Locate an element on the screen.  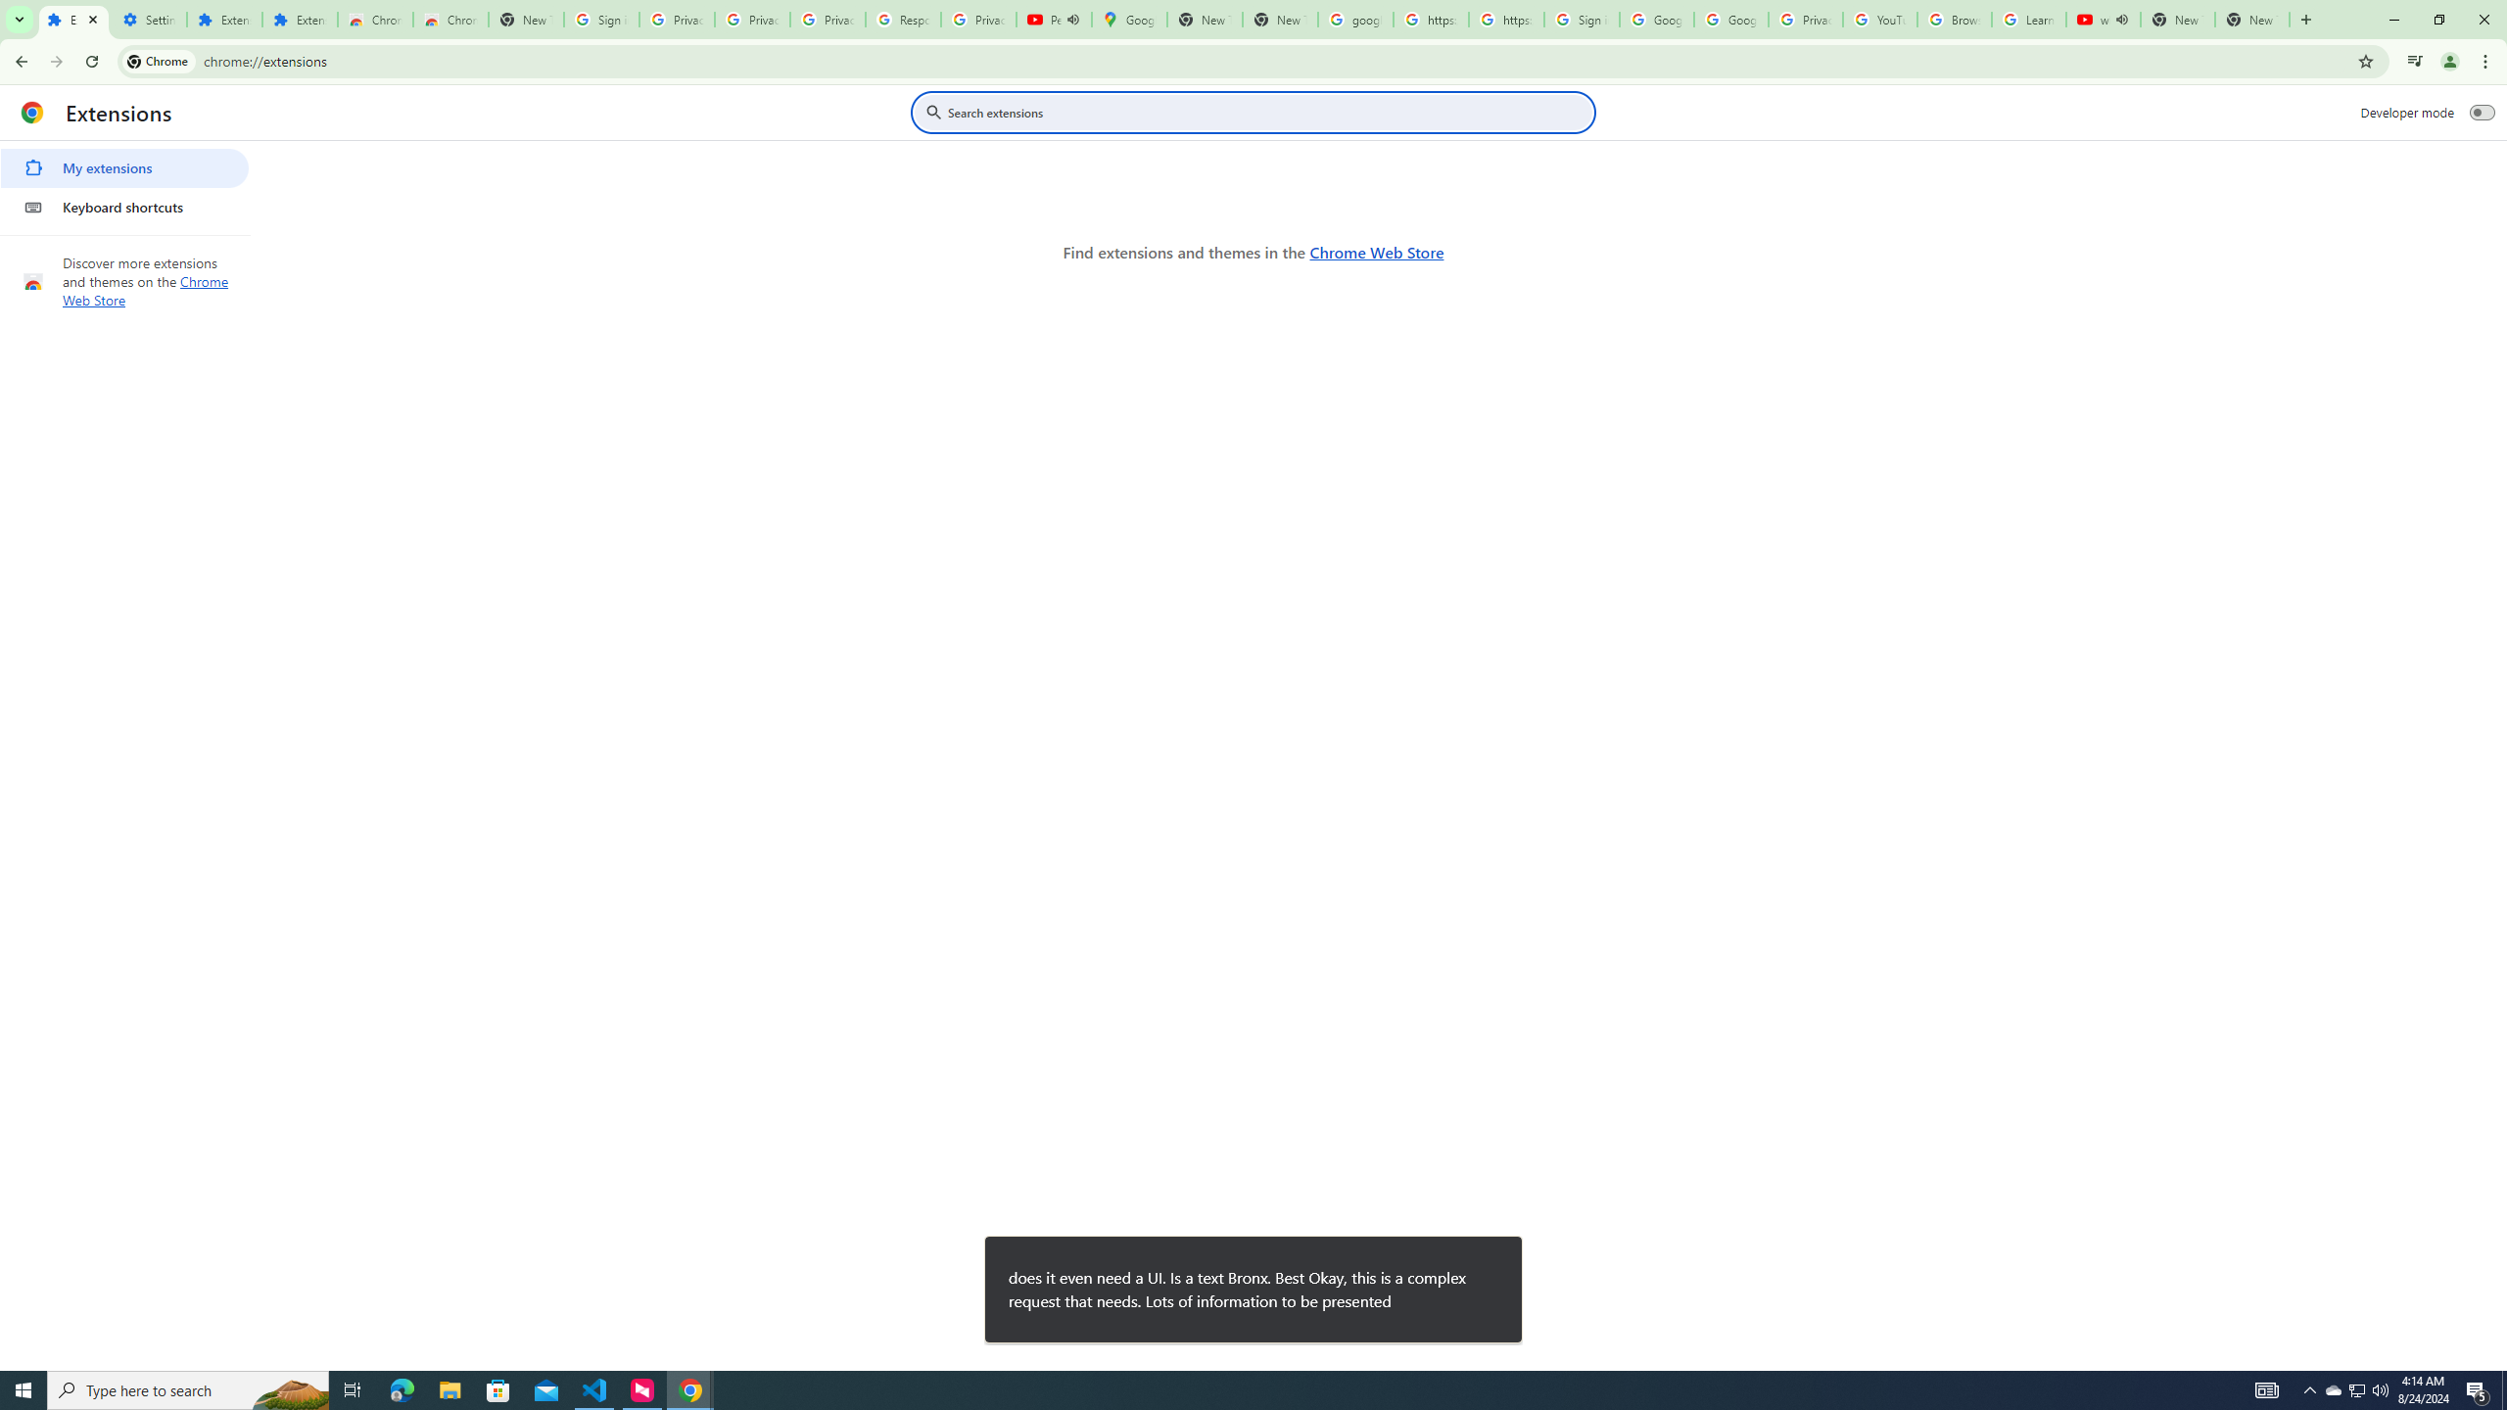
'Sign in - Google Accounts' is located at coordinates (1581, 19).